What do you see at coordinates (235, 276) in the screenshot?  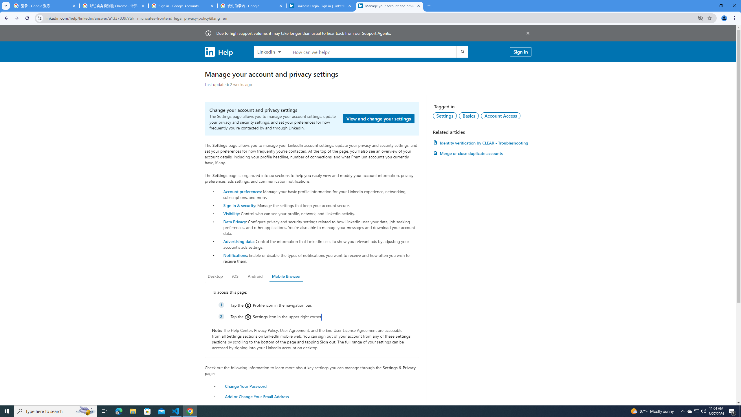 I see `'iOS'` at bounding box center [235, 276].